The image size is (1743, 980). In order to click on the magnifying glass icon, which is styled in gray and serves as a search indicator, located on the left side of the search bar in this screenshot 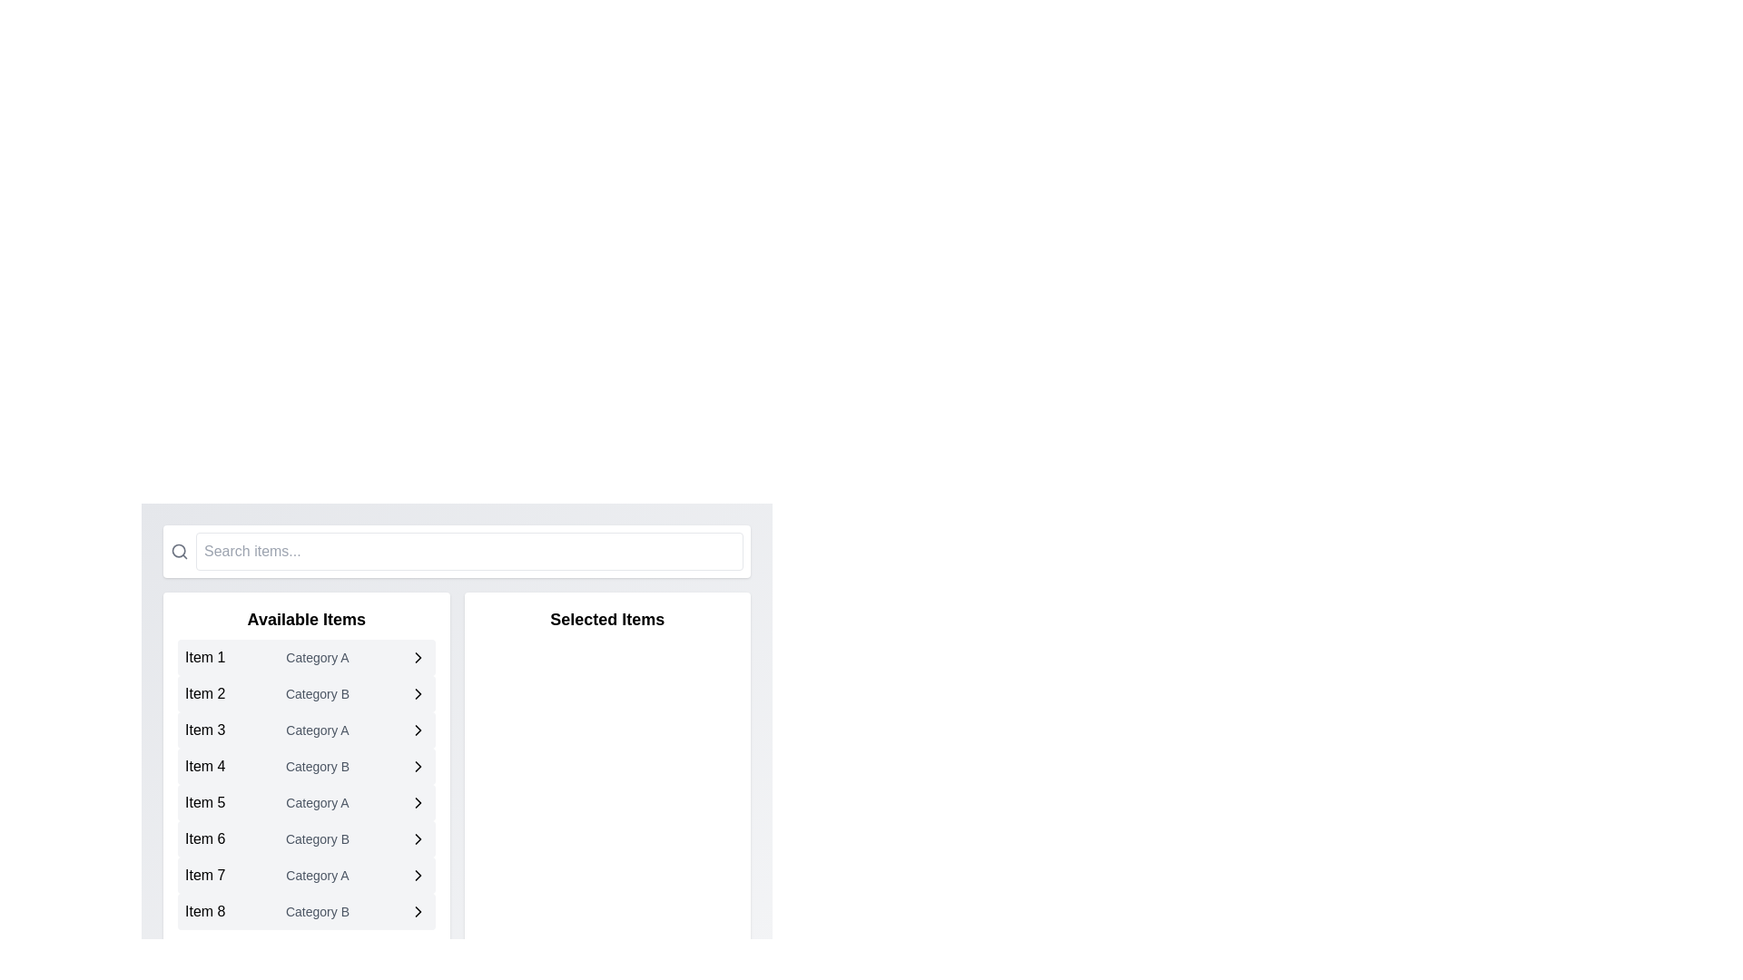, I will do `click(179, 551)`.